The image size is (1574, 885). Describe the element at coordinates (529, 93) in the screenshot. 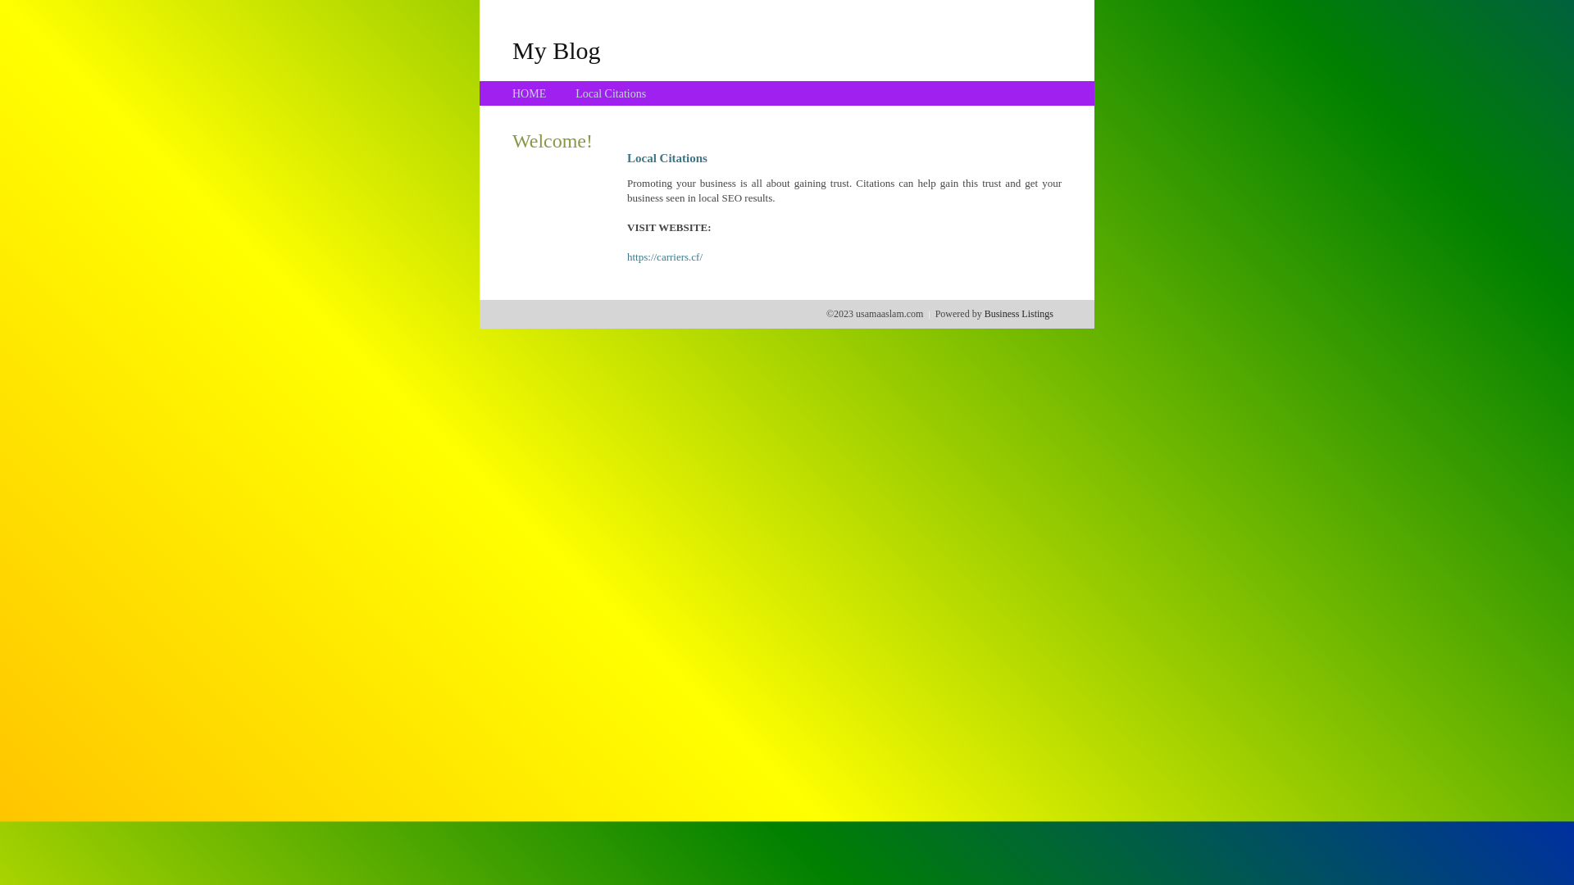

I see `'HOME'` at that location.